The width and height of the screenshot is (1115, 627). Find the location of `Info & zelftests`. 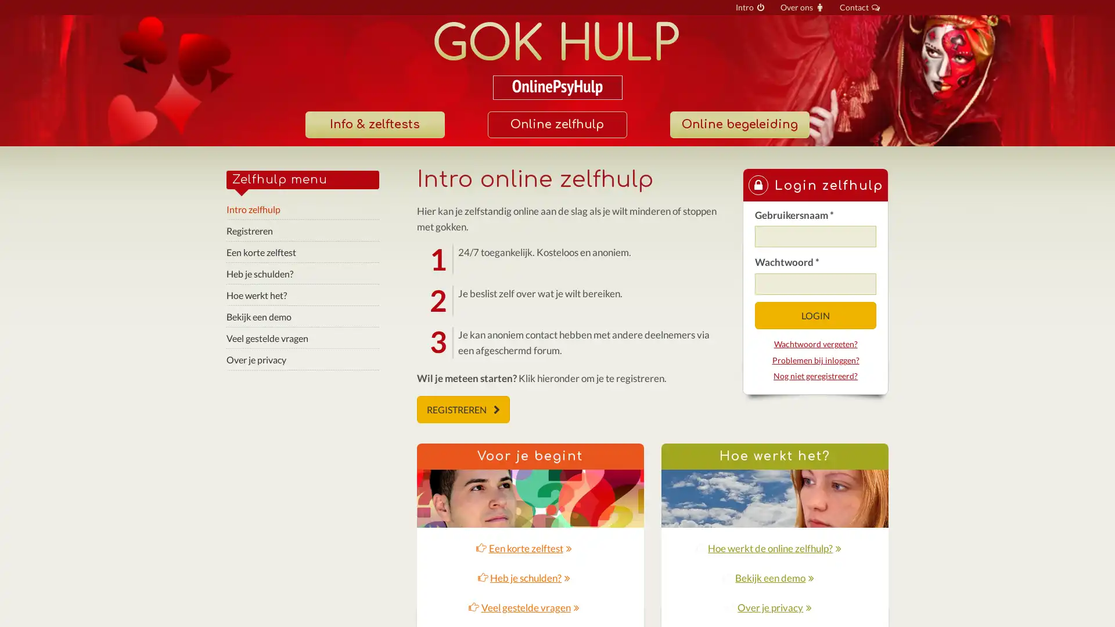

Info & zelftests is located at coordinates (374, 125).